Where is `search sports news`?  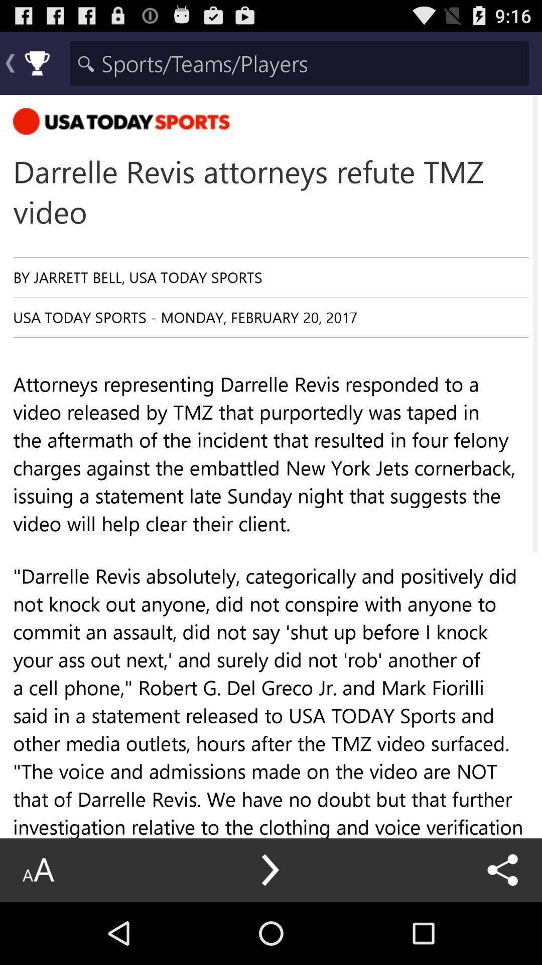
search sports news is located at coordinates (299, 62).